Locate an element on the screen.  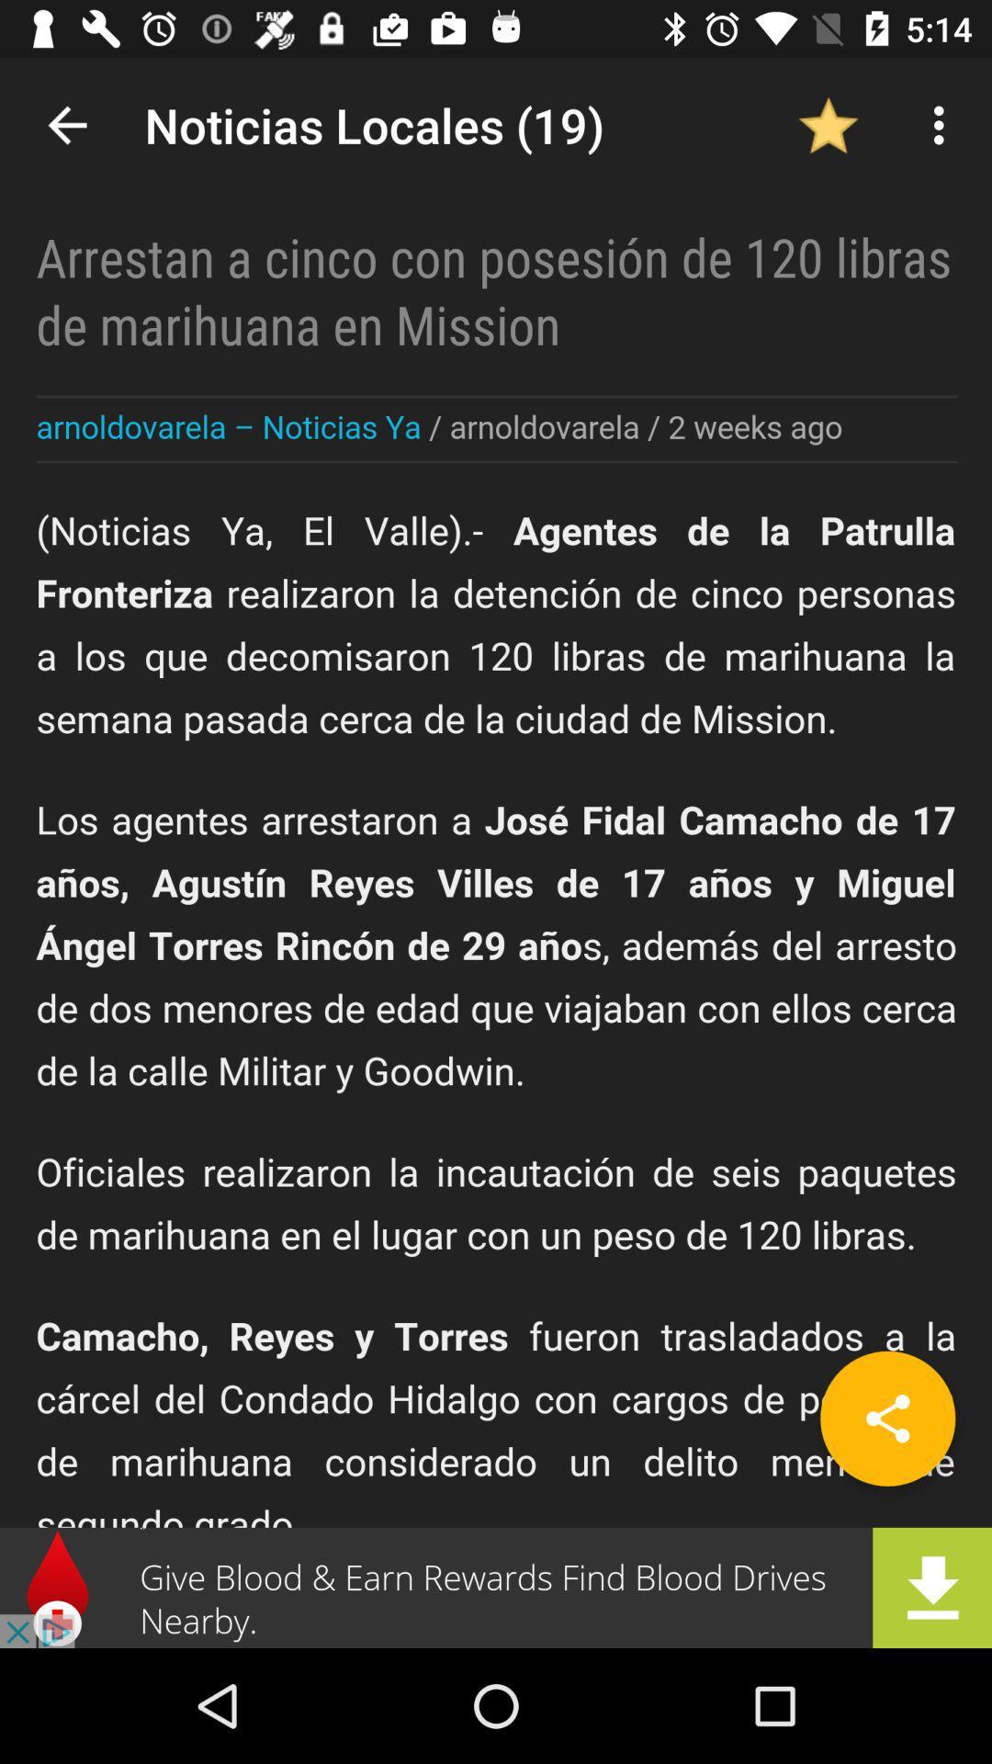
share the article is located at coordinates (886, 1418).